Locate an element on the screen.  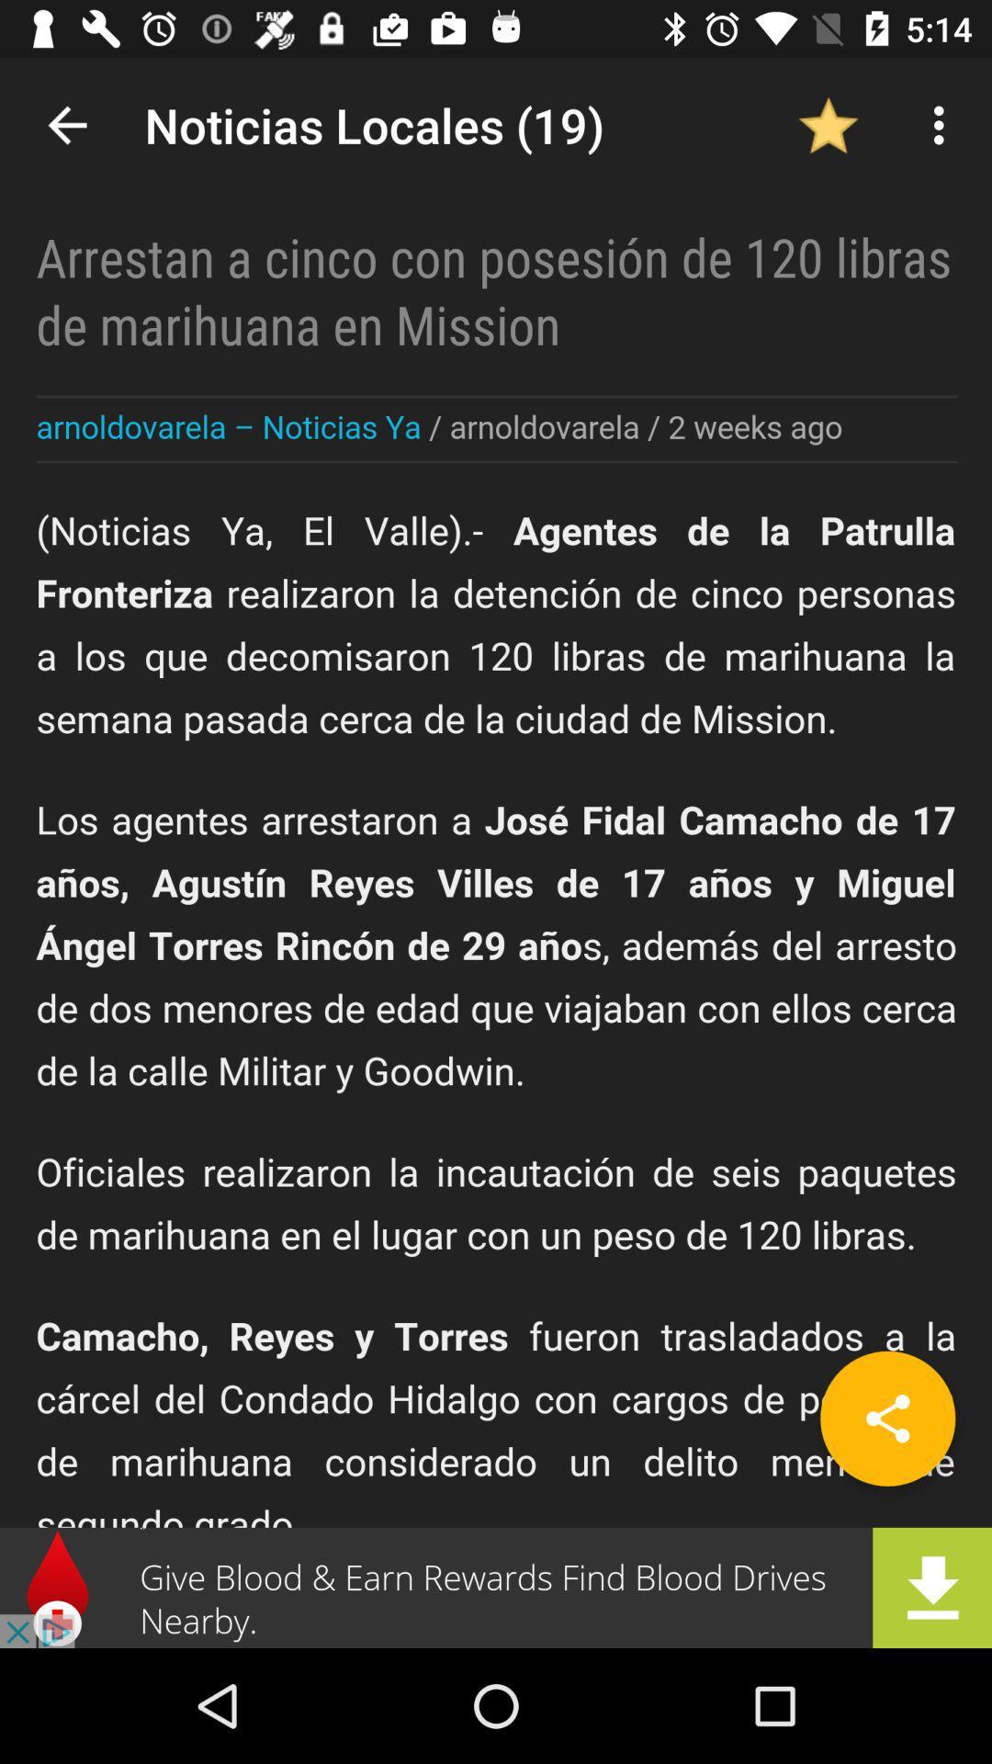
share the article is located at coordinates (886, 1418).